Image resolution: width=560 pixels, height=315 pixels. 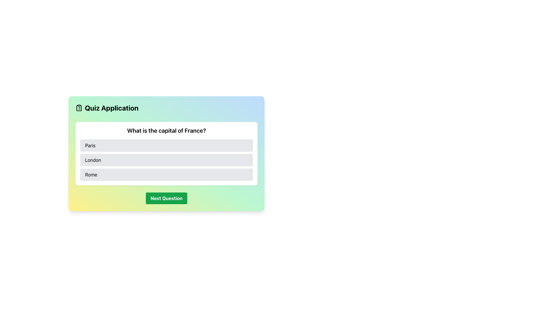 I want to click on the rectangular button labeled 'Paris' with a light gray background, which darkens slightly on hover, located under the question prompt 'What is the capital of France?', so click(x=166, y=145).